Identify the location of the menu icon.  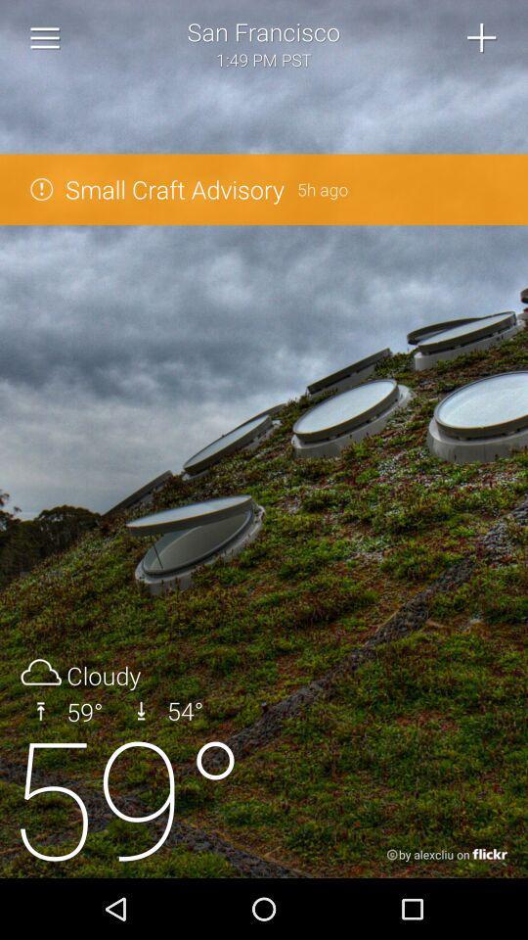
(45, 40).